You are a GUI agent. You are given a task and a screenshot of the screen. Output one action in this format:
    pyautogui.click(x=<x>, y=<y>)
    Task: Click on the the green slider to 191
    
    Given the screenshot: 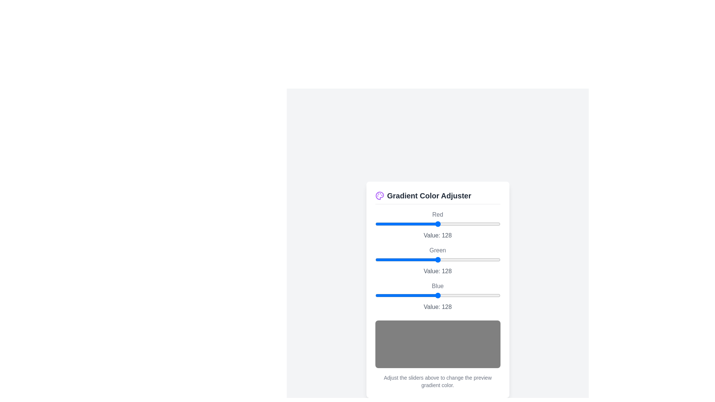 What is the action you would take?
    pyautogui.click(x=468, y=259)
    